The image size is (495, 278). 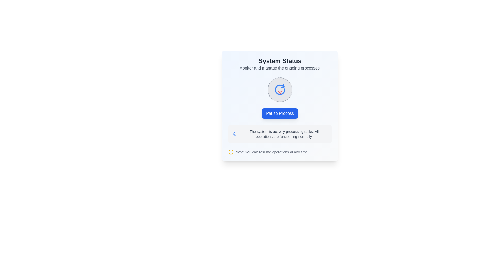 What do you see at coordinates (279, 106) in the screenshot?
I see `the 'Pause Process' button located within the primary status dashboard panel, which is visually dominant and surrounded by smaller elements` at bounding box center [279, 106].